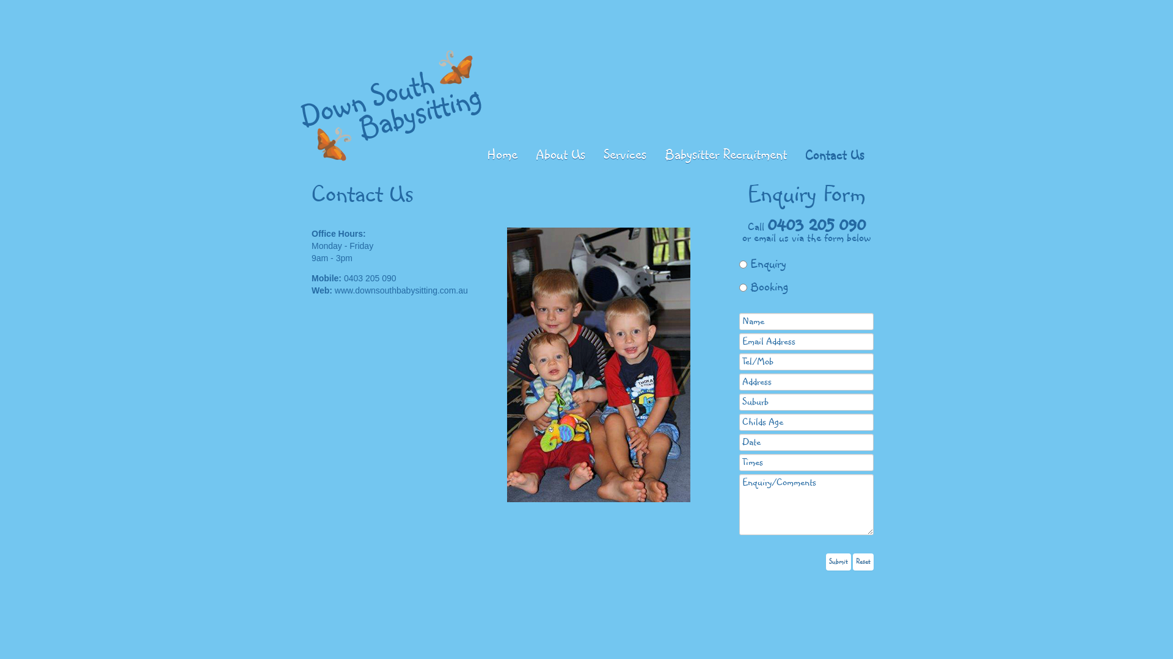 This screenshot has width=1173, height=659. Describe the element at coordinates (401, 290) in the screenshot. I see `'www.downsouthbabysitting.com.au'` at that location.